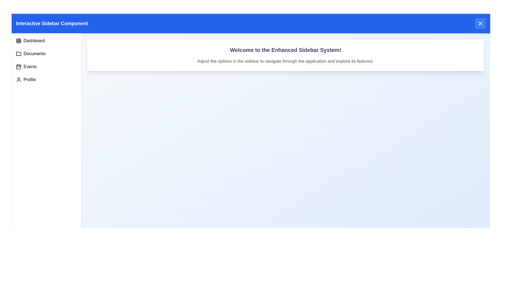  I want to click on the third List Item in the left sidebar that accesses the 'Events' section, so click(46, 66).